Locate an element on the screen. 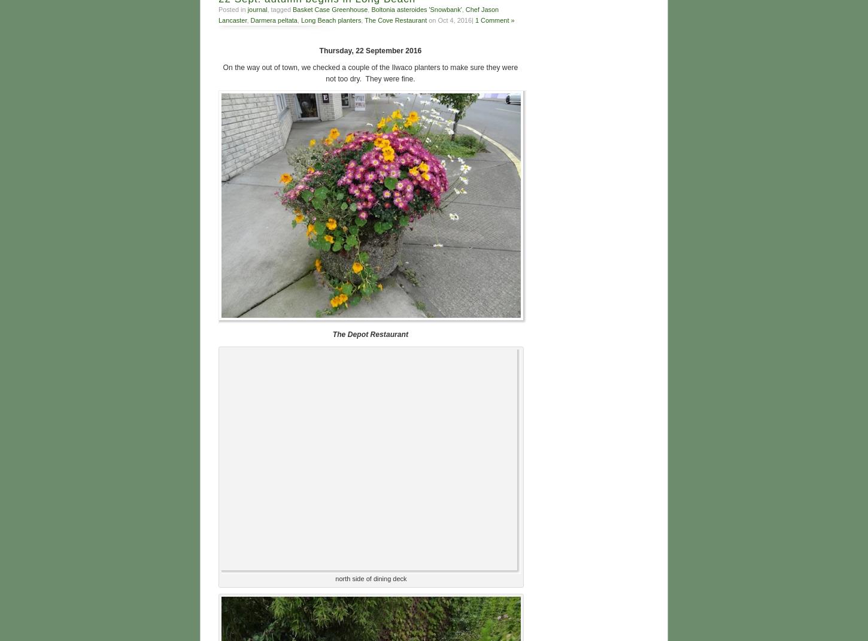 The image size is (868, 641). ', tagged' is located at coordinates (279, 8).